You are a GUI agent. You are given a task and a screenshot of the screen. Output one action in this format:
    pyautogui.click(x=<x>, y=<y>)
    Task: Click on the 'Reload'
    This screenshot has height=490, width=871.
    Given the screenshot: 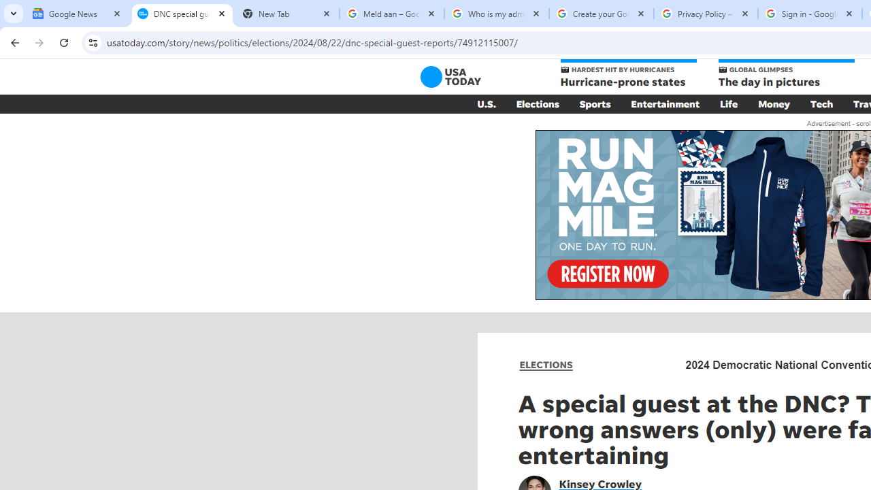 What is the action you would take?
    pyautogui.click(x=63, y=42)
    